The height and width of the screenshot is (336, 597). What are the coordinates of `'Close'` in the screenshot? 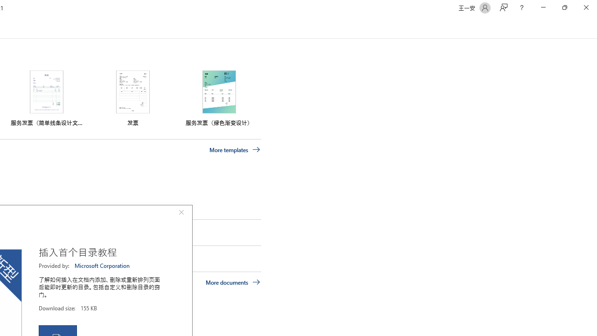 It's located at (585, 7).